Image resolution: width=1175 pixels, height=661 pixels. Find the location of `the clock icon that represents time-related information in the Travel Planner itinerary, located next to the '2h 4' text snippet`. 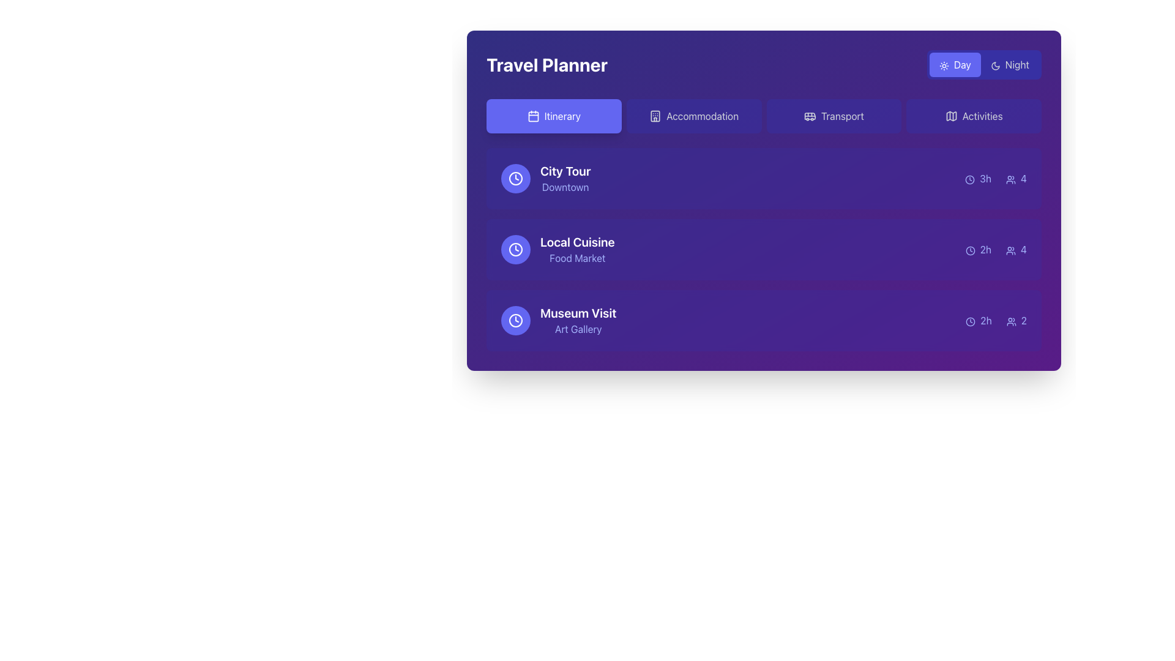

the clock icon that represents time-related information in the Travel Planner itinerary, located next to the '2h 4' text snippet is located at coordinates (969, 250).